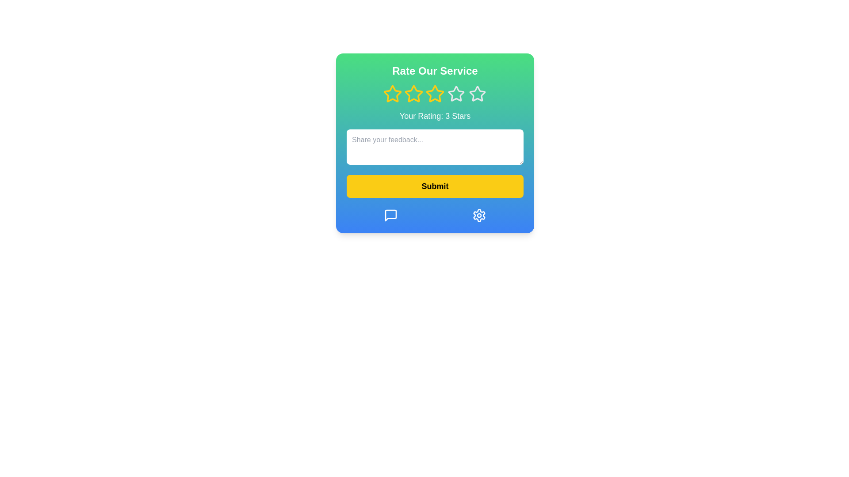  What do you see at coordinates (413, 94) in the screenshot?
I see `the third yellow star` at bounding box center [413, 94].